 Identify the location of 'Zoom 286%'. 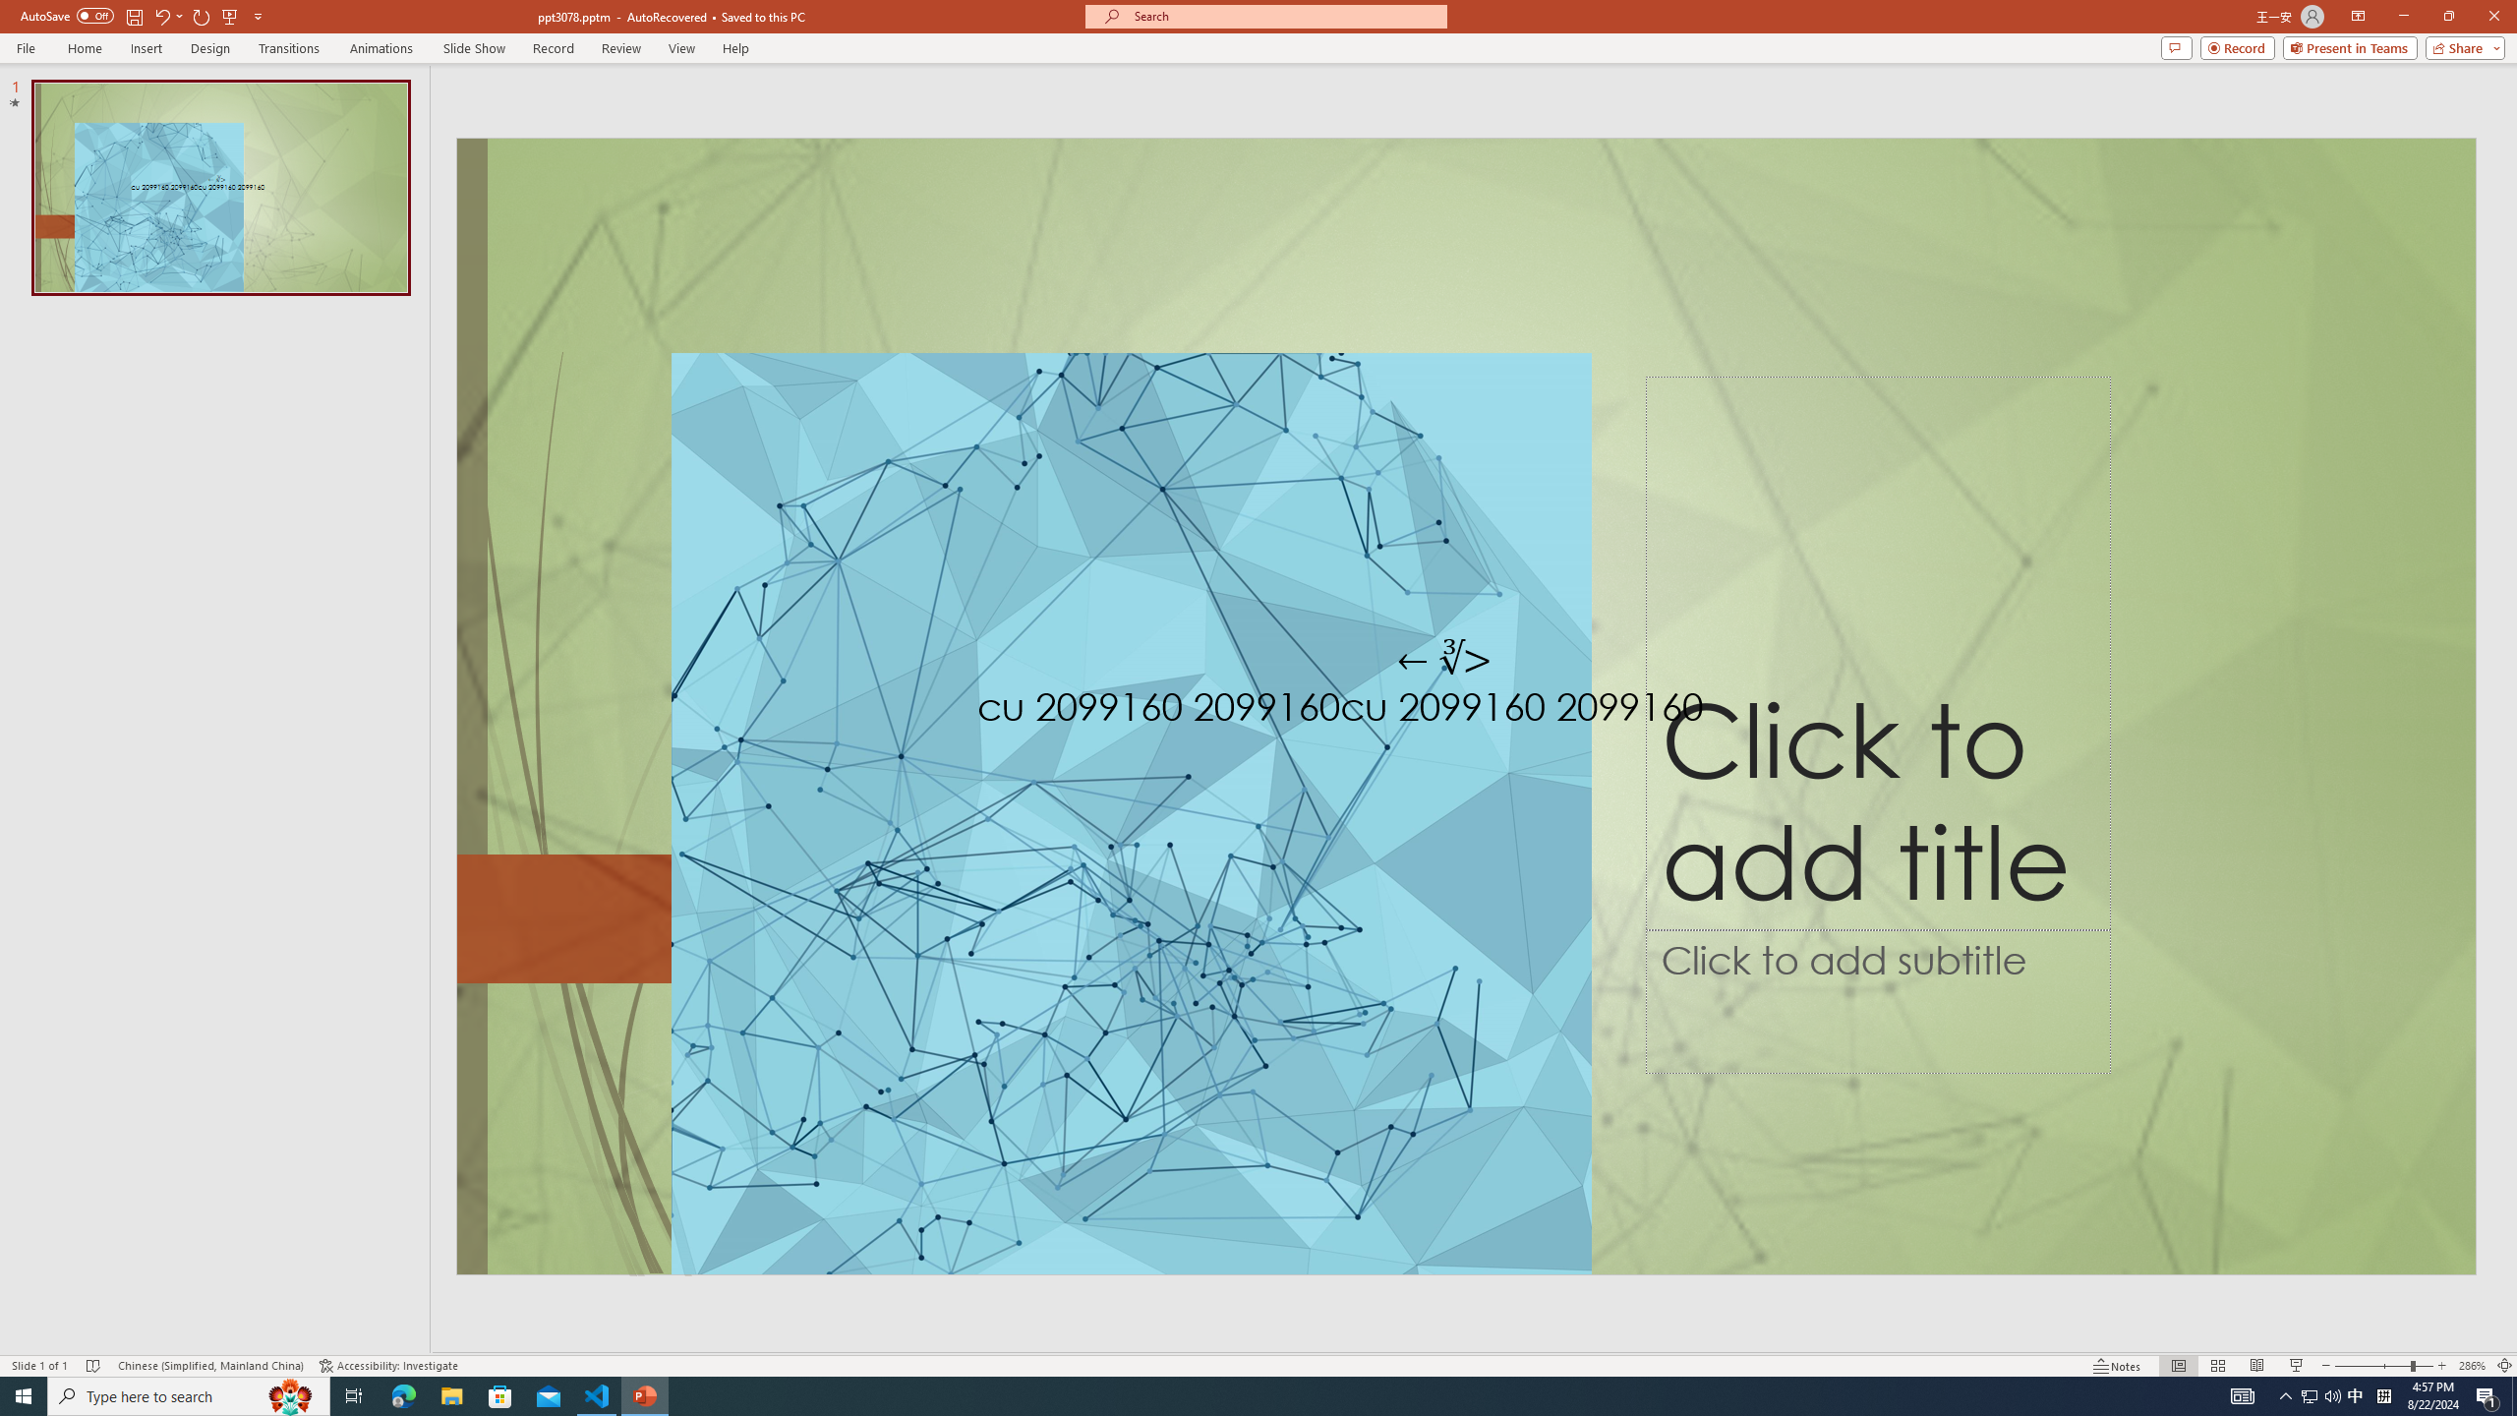
(2473, 1366).